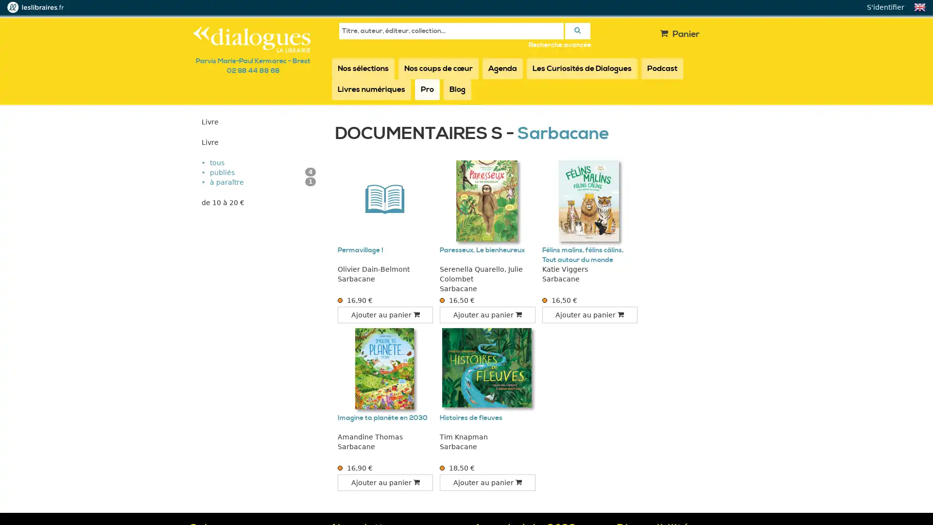 The width and height of the screenshot is (933, 525). Describe the element at coordinates (384, 482) in the screenshot. I see `Ajouter au panier` at that location.